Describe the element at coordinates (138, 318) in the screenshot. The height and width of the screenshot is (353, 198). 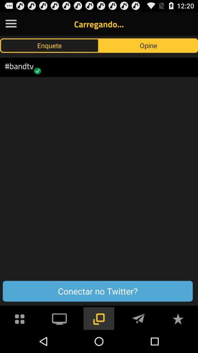
I see `send message` at that location.